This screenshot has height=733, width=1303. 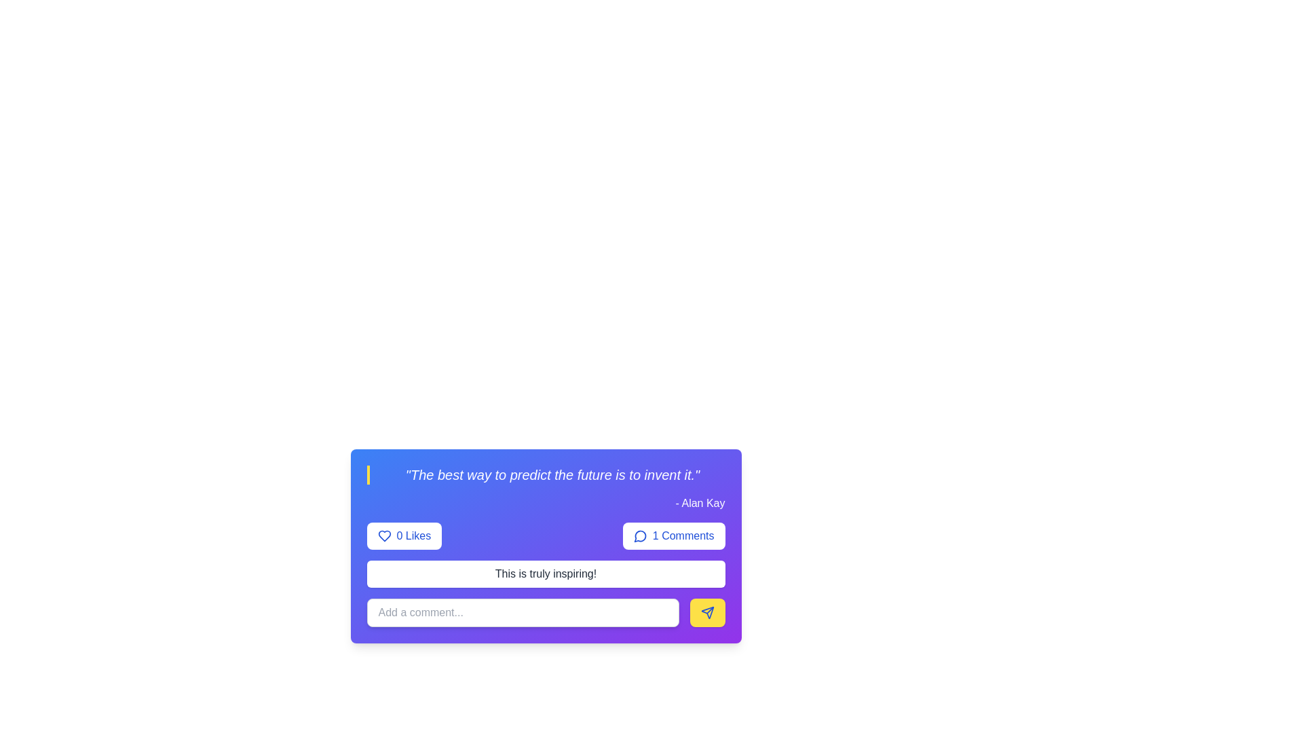 What do you see at coordinates (706, 612) in the screenshot?
I see `the send button located in the bottom-right corner of the input bar, which is represented by a paper airplane icon, for visual feedback` at bounding box center [706, 612].